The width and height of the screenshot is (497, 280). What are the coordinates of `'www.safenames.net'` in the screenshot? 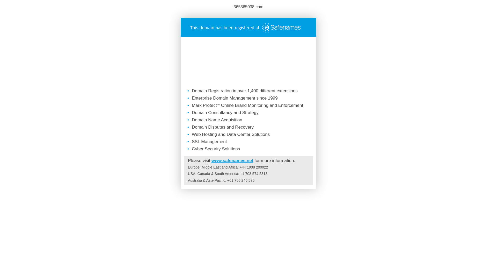 It's located at (232, 160).